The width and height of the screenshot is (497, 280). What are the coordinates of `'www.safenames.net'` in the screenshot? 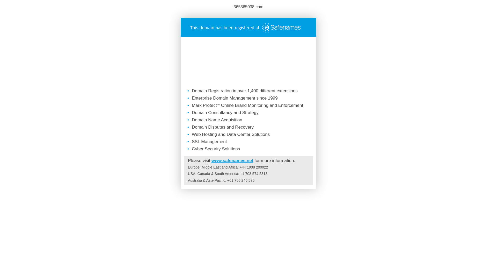 It's located at (232, 160).